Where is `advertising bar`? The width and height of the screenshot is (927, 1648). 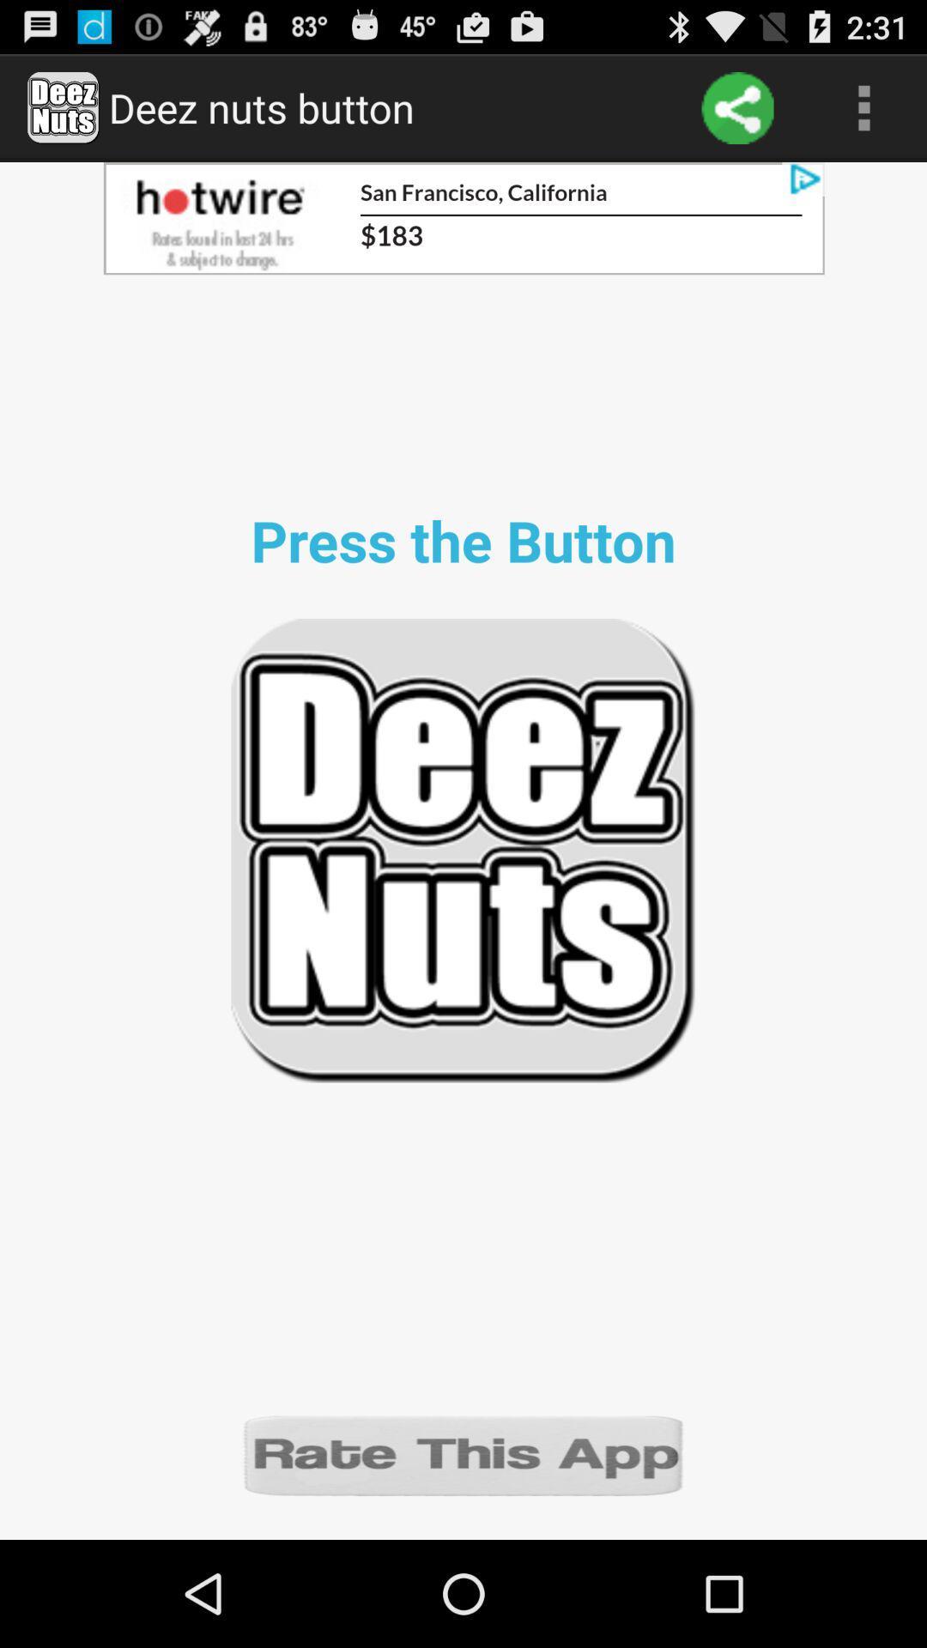 advertising bar is located at coordinates (463, 217).